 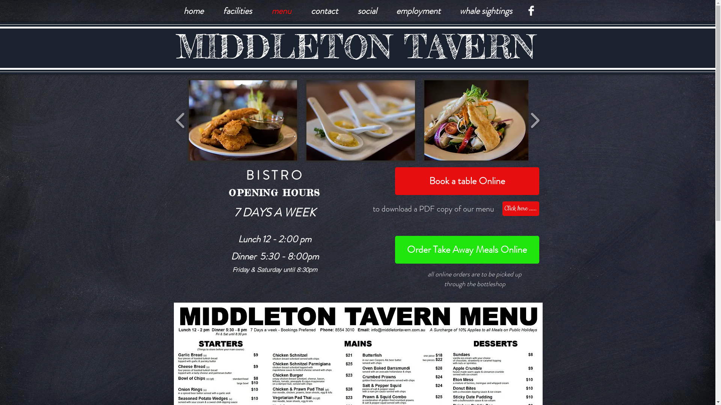 What do you see at coordinates (466, 250) in the screenshot?
I see `'Order Take Away Meals Online'` at bounding box center [466, 250].